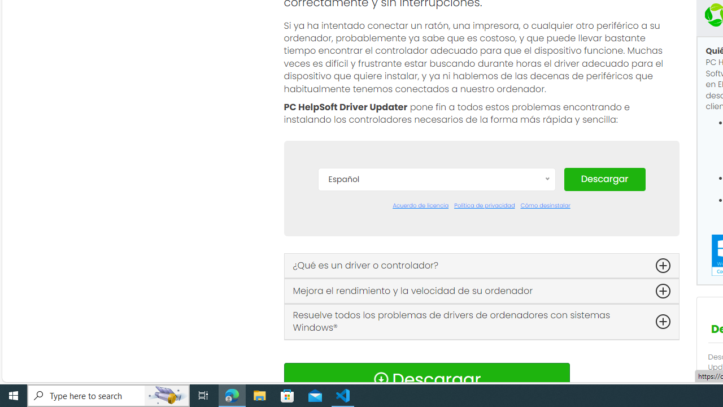  Describe the element at coordinates (426, 379) in the screenshot. I see `'Download Icon Descargar'` at that location.